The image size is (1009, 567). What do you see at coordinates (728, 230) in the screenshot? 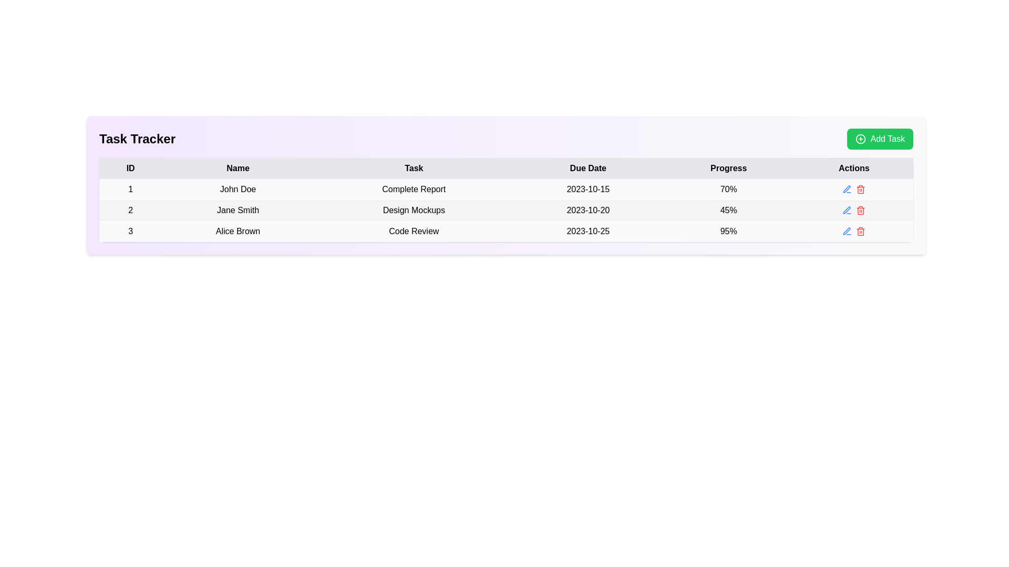
I see `the text label displaying '95%' in bold within the 'Progress' column of the table row for 'Alice Brown - Code Review - 2023-10-25'` at bounding box center [728, 230].